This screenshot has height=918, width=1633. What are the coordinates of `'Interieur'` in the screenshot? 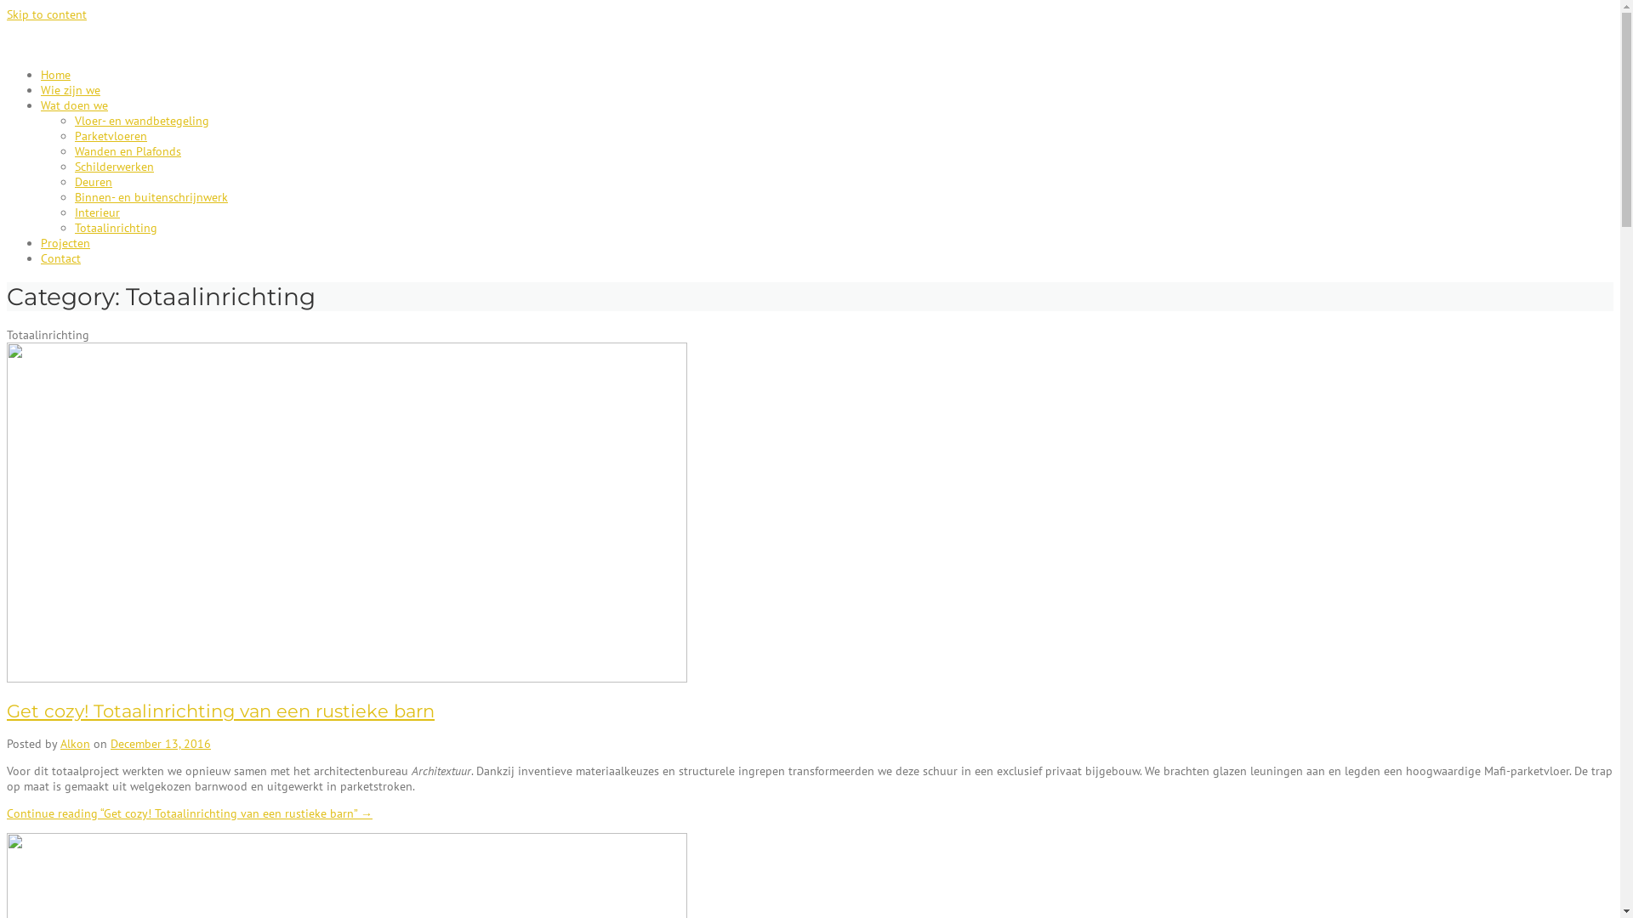 It's located at (96, 212).